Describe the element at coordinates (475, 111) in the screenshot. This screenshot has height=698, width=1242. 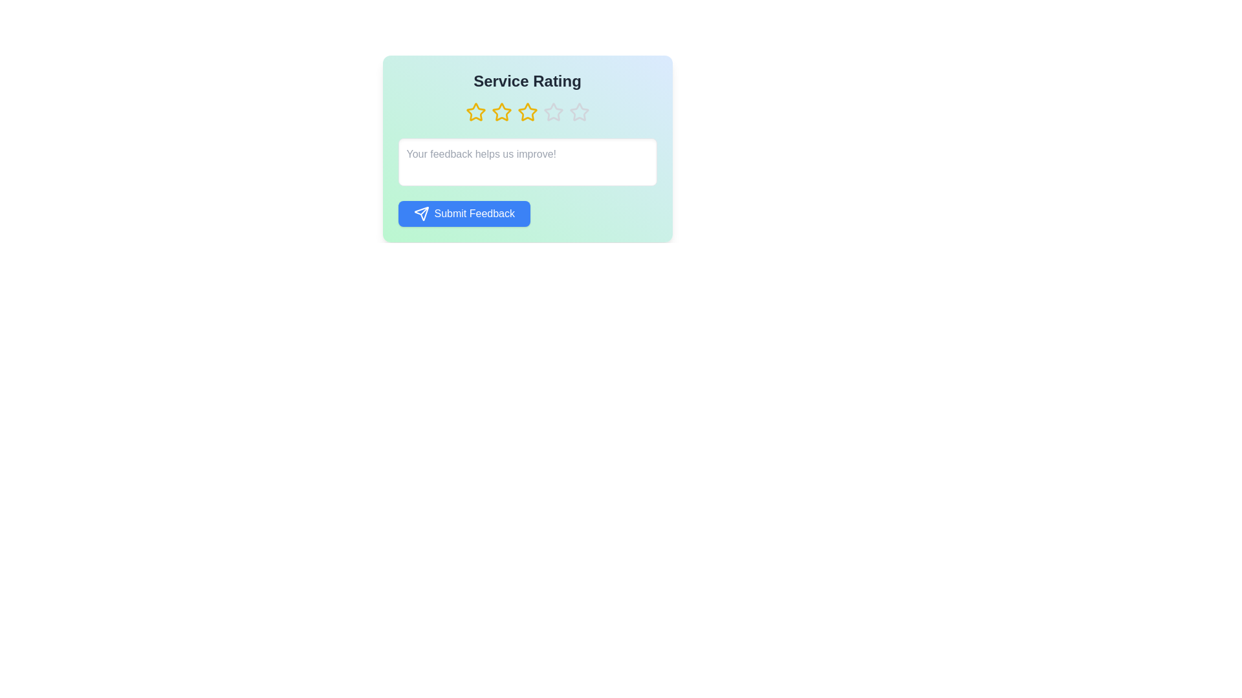
I see `the yellow star-shaped rating icon with a hollow center` at that location.